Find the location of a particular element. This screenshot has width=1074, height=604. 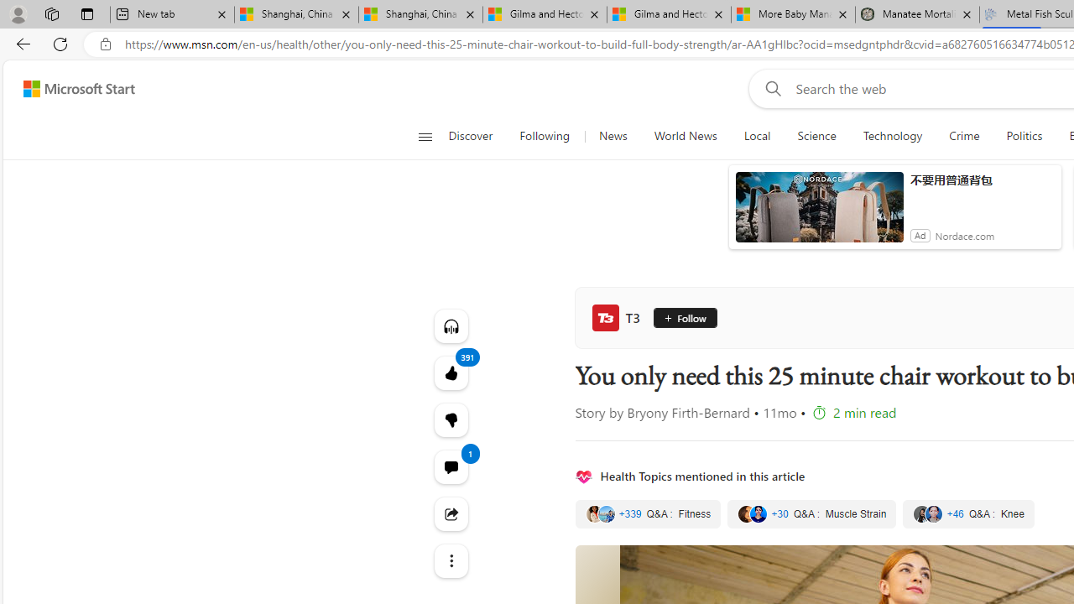

'News' is located at coordinates (612, 136).